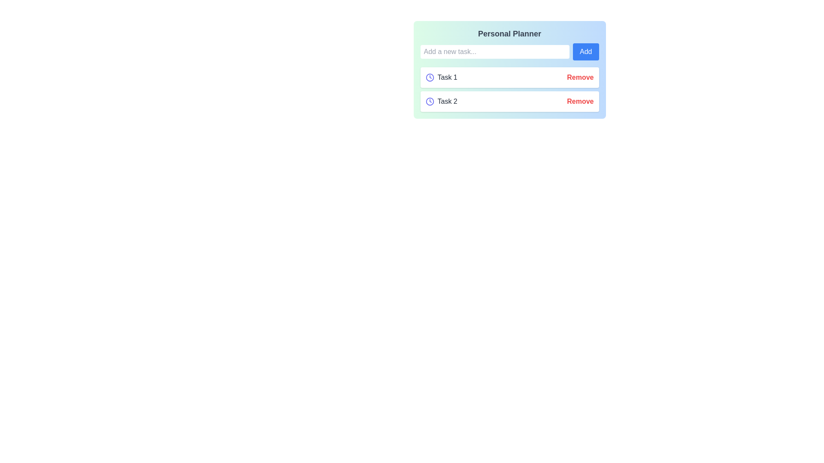 Image resolution: width=824 pixels, height=463 pixels. What do you see at coordinates (580, 101) in the screenshot?
I see `'Remove' button for task 2` at bounding box center [580, 101].